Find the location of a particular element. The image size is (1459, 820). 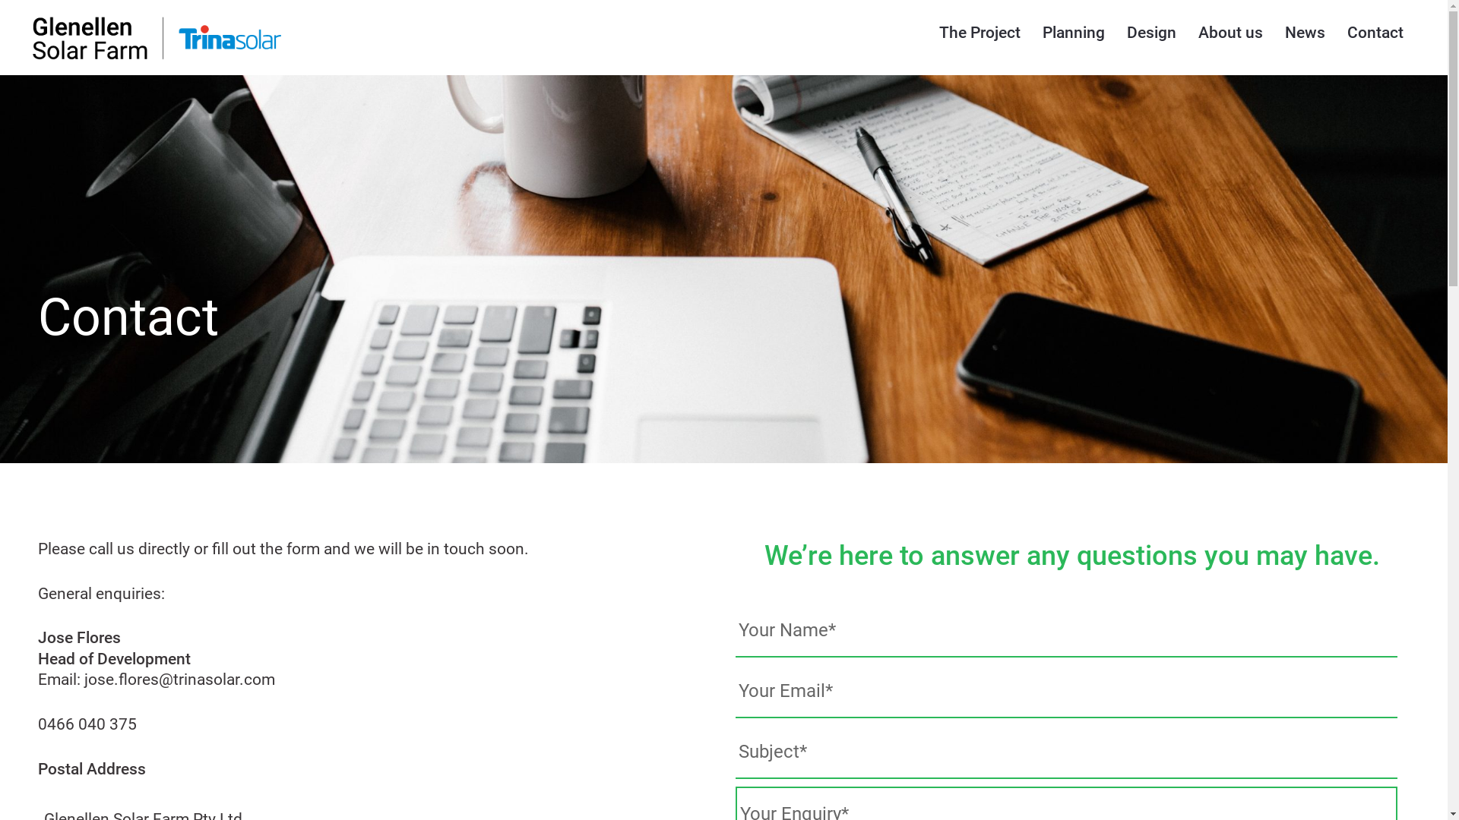

'Design' is located at coordinates (1151, 32).